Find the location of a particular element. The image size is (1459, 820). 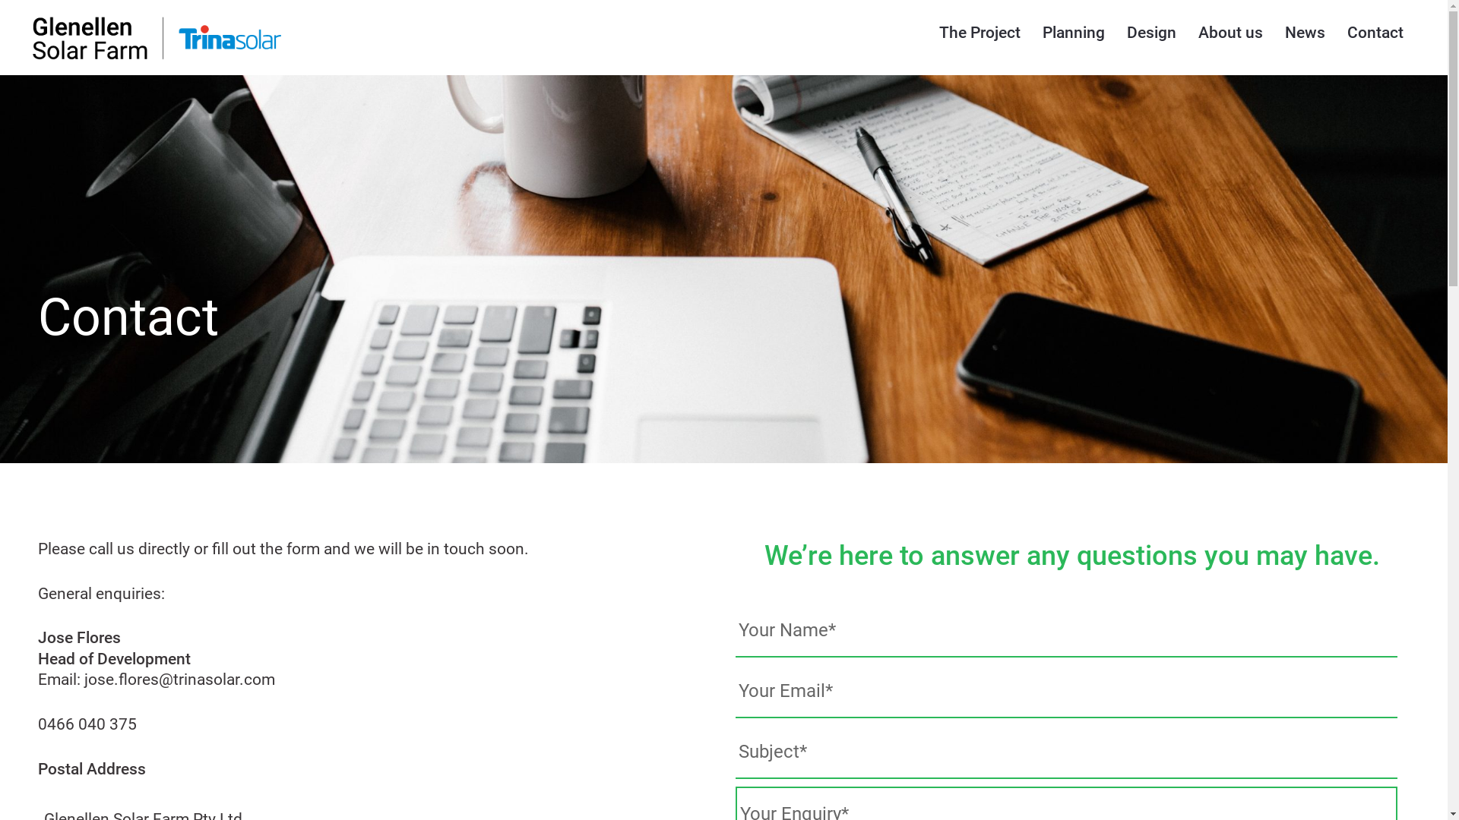

'Design' is located at coordinates (1151, 32).